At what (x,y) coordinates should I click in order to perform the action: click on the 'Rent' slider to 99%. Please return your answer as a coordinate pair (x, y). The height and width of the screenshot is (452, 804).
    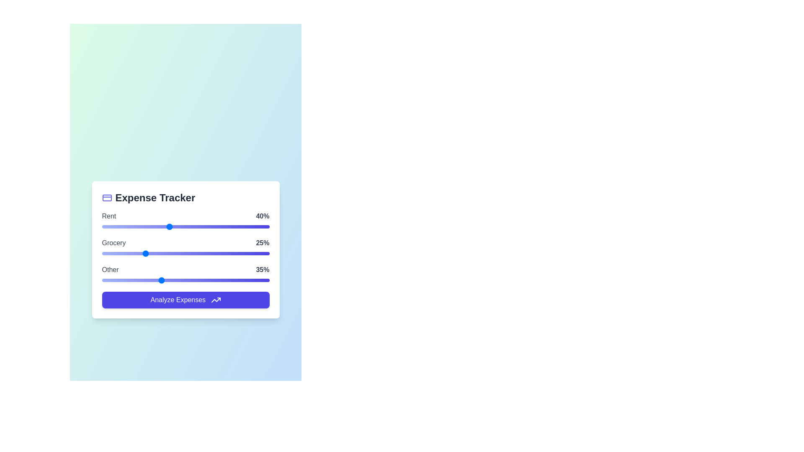
    Looking at the image, I should click on (267, 226).